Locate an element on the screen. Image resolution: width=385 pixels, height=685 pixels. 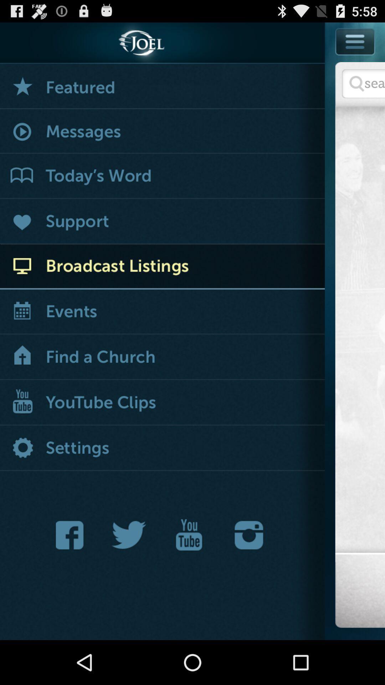
serarch is located at coordinates (363, 83).